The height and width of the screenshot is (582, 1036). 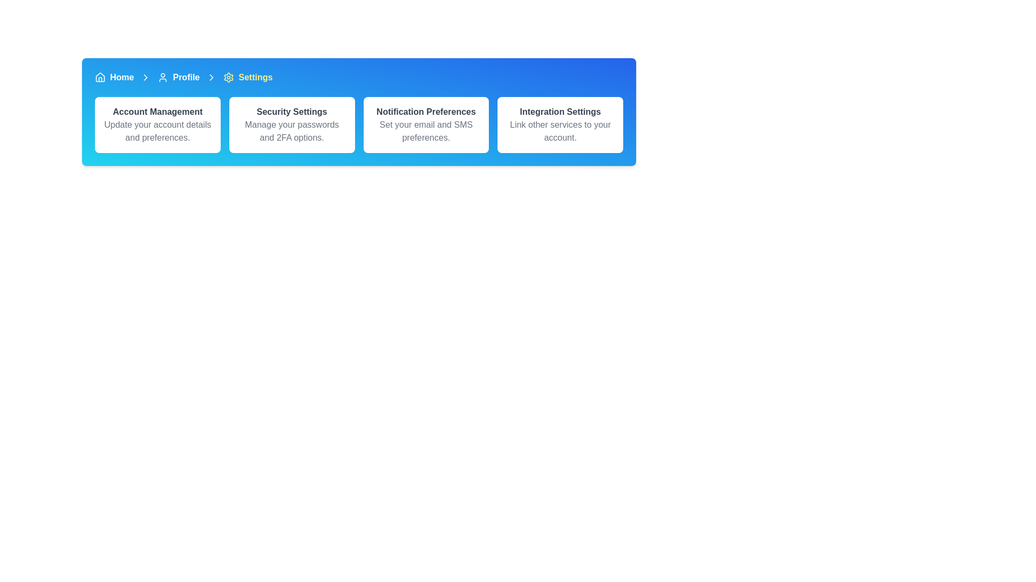 What do you see at coordinates (292, 130) in the screenshot?
I see `the descriptive text block providing information about 'Security Settings', which is the second line of text in a white rounded rectangle card below the header 'Security Settings'` at bounding box center [292, 130].